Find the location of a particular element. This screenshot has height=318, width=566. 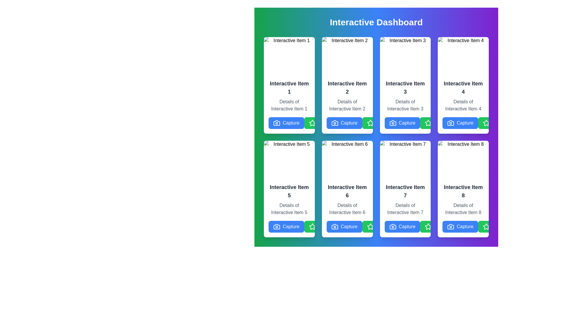

the image with alt text 'Interactive Item 2' located at the center of the card in the dashboard is located at coordinates (347, 56).